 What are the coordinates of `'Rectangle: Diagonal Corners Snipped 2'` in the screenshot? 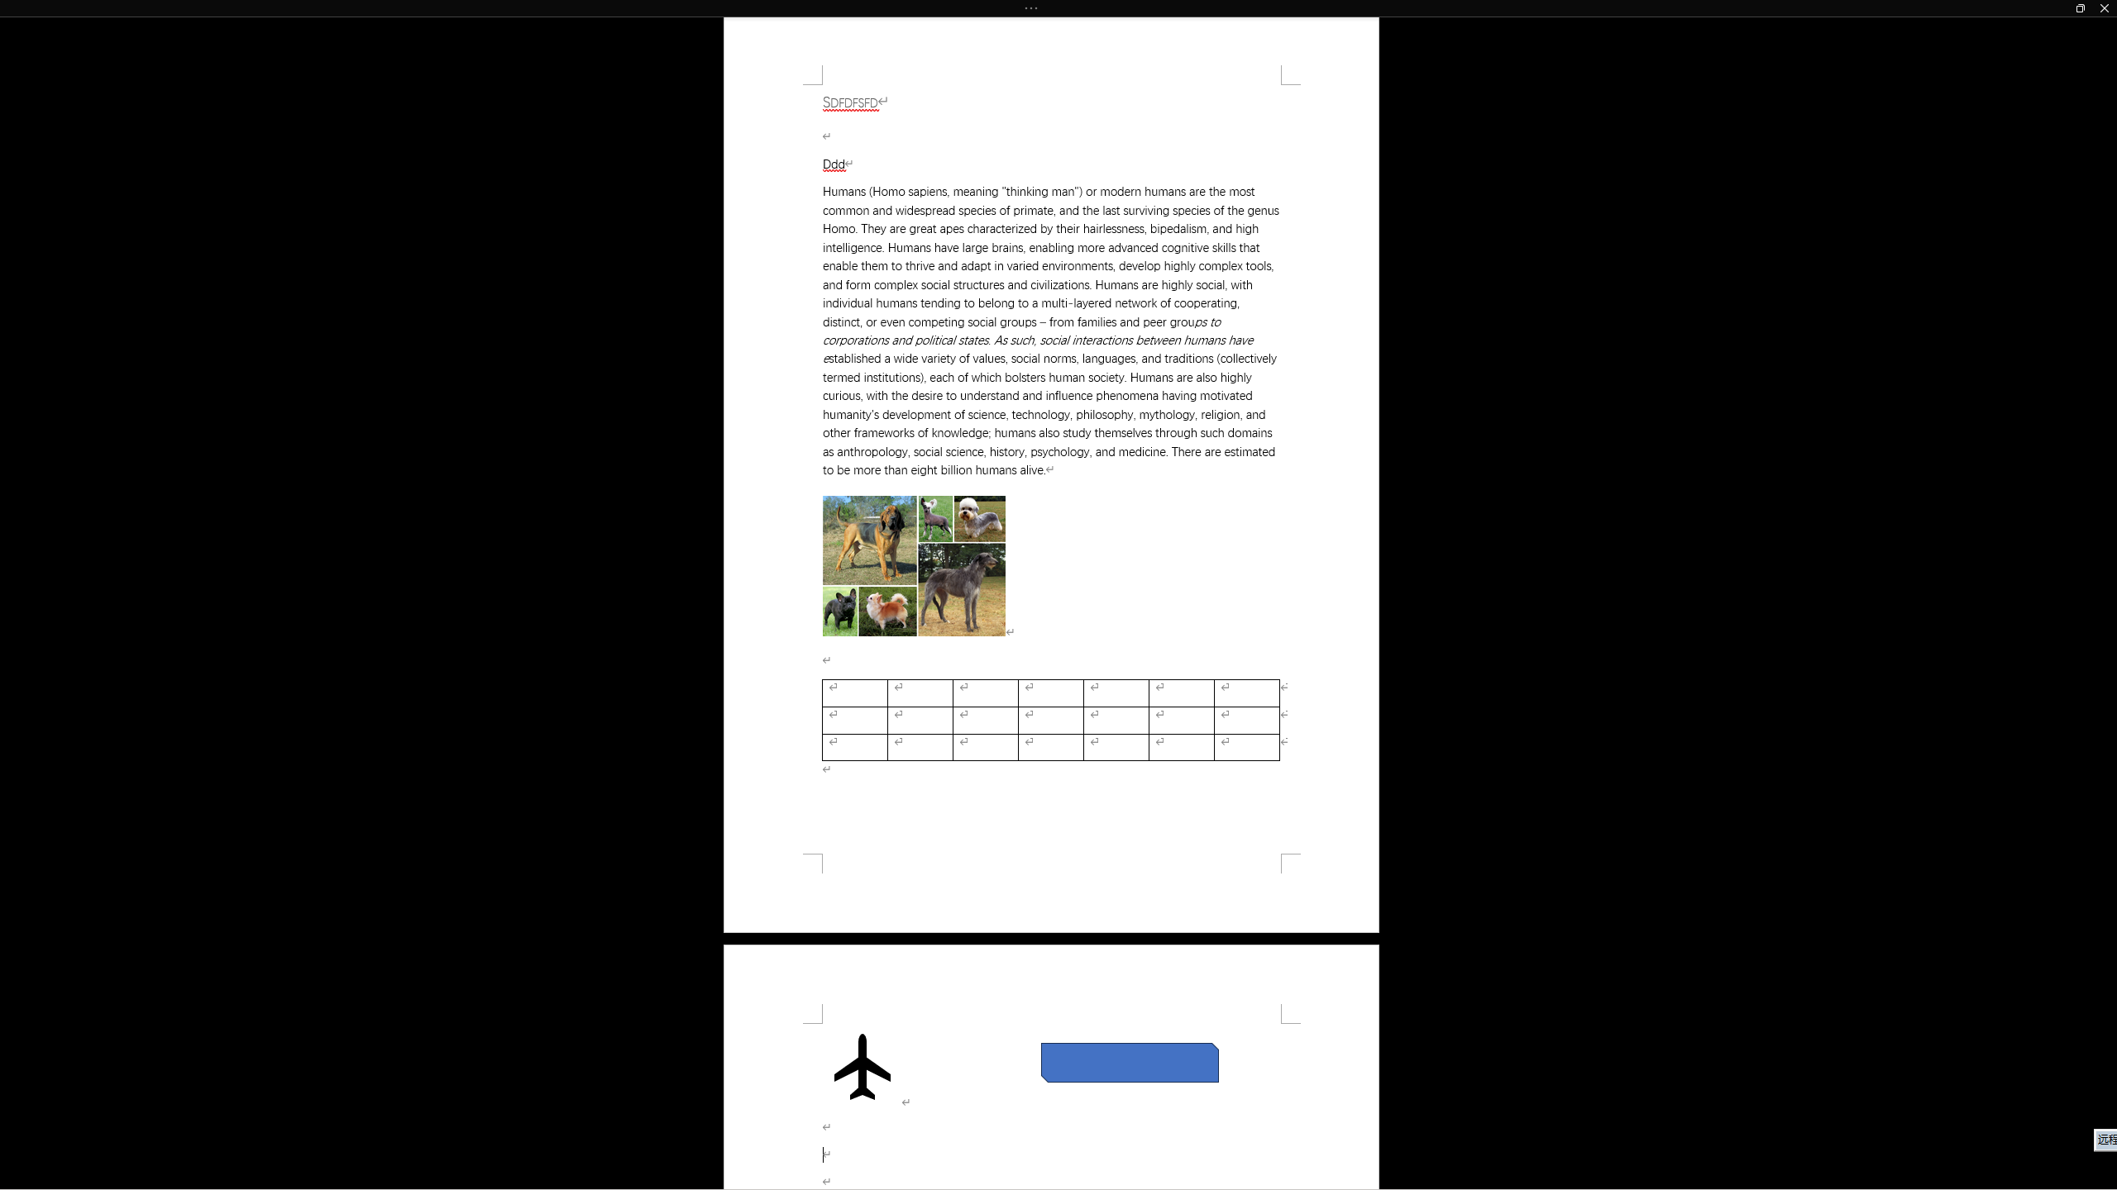 It's located at (1130, 1061).